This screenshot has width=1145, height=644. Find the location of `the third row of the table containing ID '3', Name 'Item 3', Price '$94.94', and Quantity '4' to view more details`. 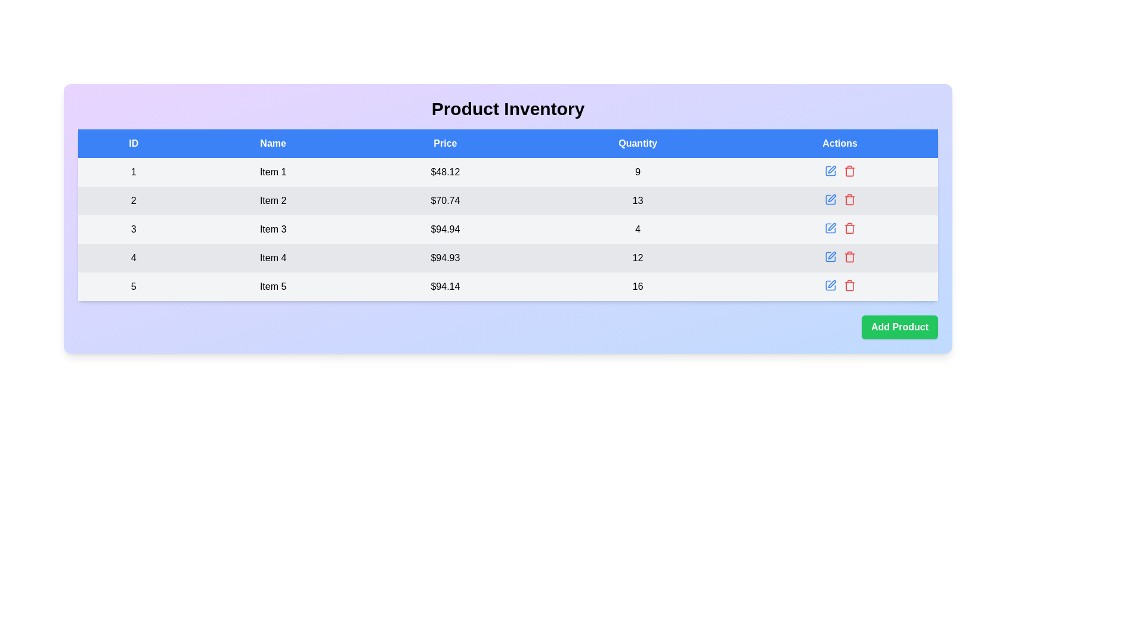

the third row of the table containing ID '3', Name 'Item 3', Price '$94.94', and Quantity '4' to view more details is located at coordinates (507, 230).